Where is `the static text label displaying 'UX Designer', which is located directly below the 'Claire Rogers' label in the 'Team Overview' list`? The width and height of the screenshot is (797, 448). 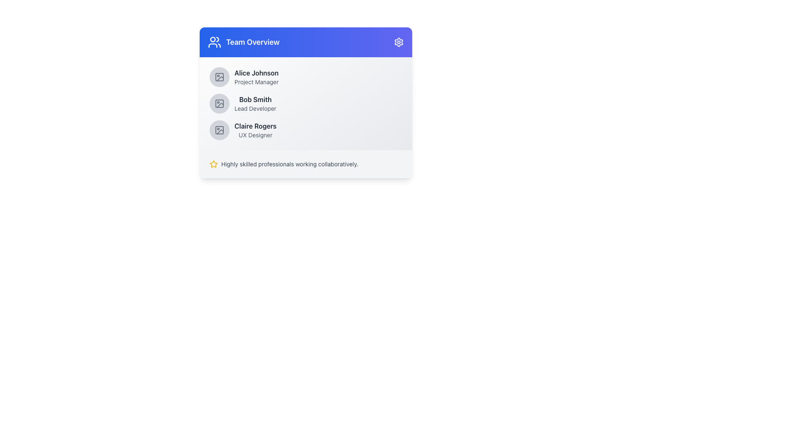
the static text label displaying 'UX Designer', which is located directly below the 'Claire Rogers' label in the 'Team Overview' list is located at coordinates (255, 135).